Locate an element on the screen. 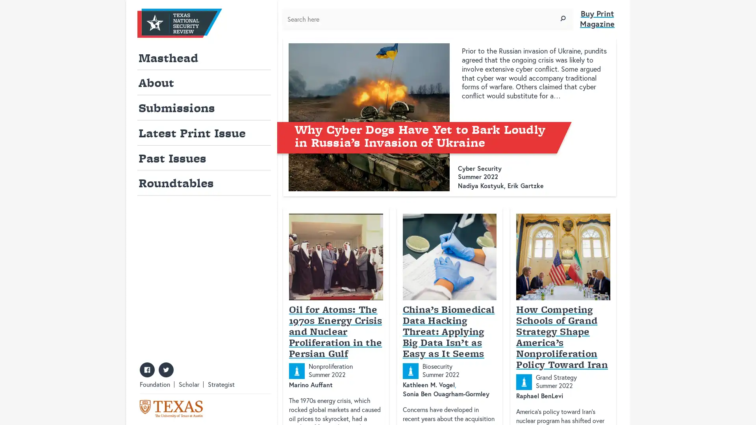  zoom is located at coordinates (563, 18).